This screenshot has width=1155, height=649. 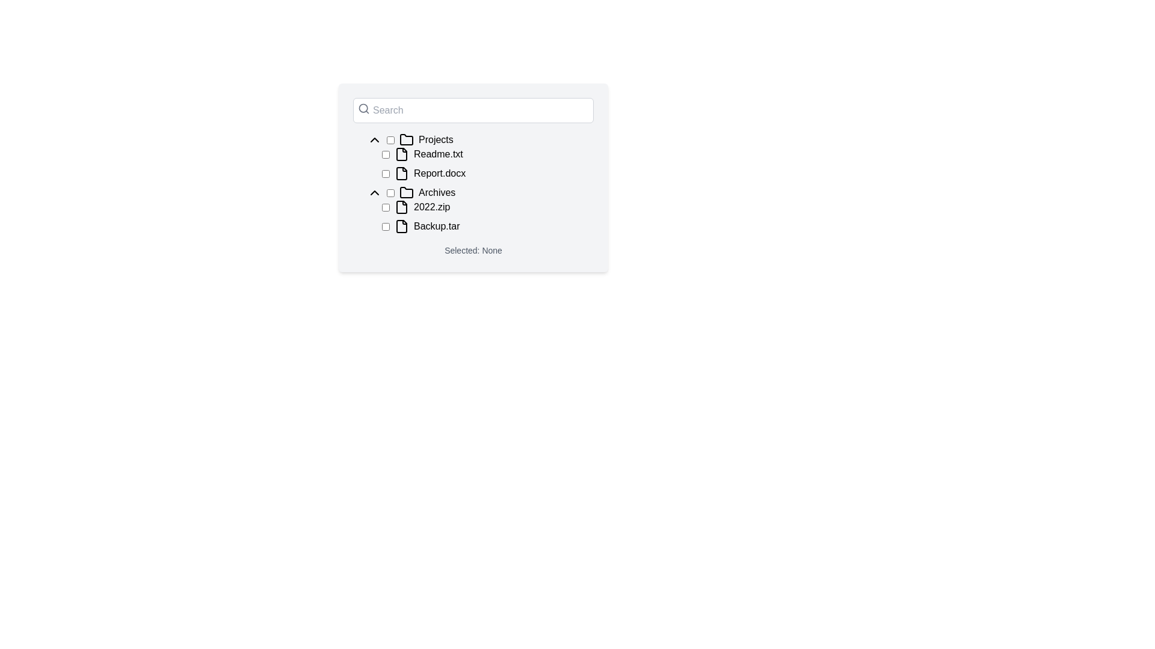 I want to click on the unselected checkbox, which is a small square located immediately to the left of the 'Report.docx' label, so click(x=386, y=174).